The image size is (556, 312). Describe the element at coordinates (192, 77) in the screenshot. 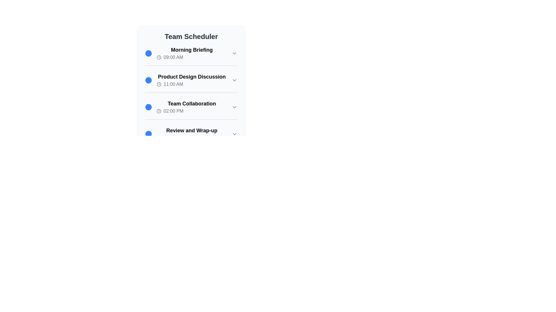

I see `text content of the heading Text Label that serves as the title for the 'Product Design Discussion' event, positioned above the '11:00 AM' text and to the right of a blue dot icon` at that location.